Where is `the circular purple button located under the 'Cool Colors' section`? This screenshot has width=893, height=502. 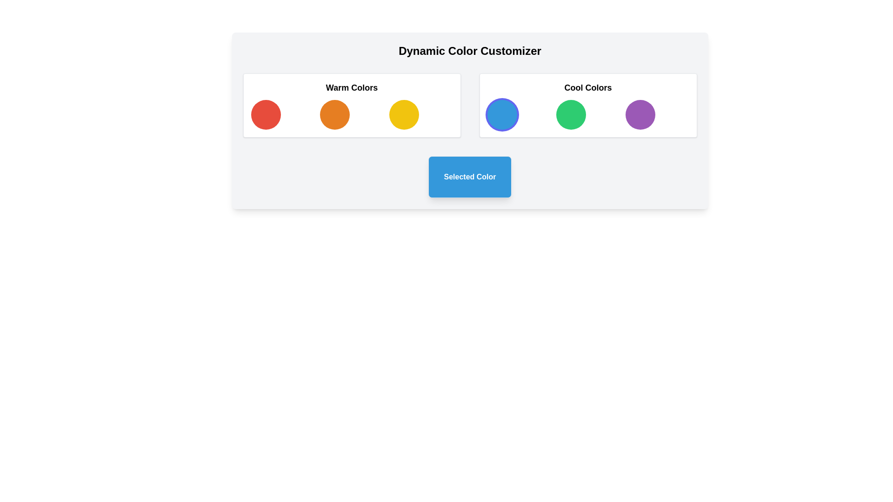
the circular purple button located under the 'Cool Colors' section is located at coordinates (640, 114).